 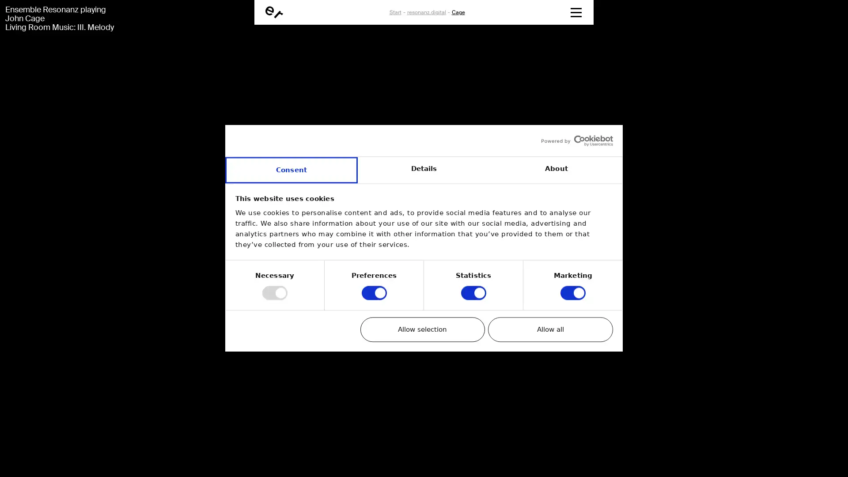 What do you see at coordinates (344, 466) in the screenshot?
I see `05` at bounding box center [344, 466].